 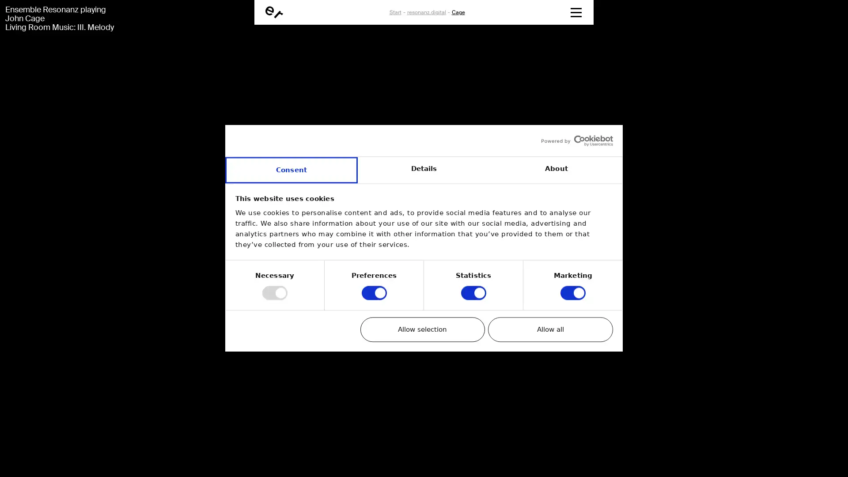 What do you see at coordinates (344, 466) in the screenshot?
I see `05` at bounding box center [344, 466].